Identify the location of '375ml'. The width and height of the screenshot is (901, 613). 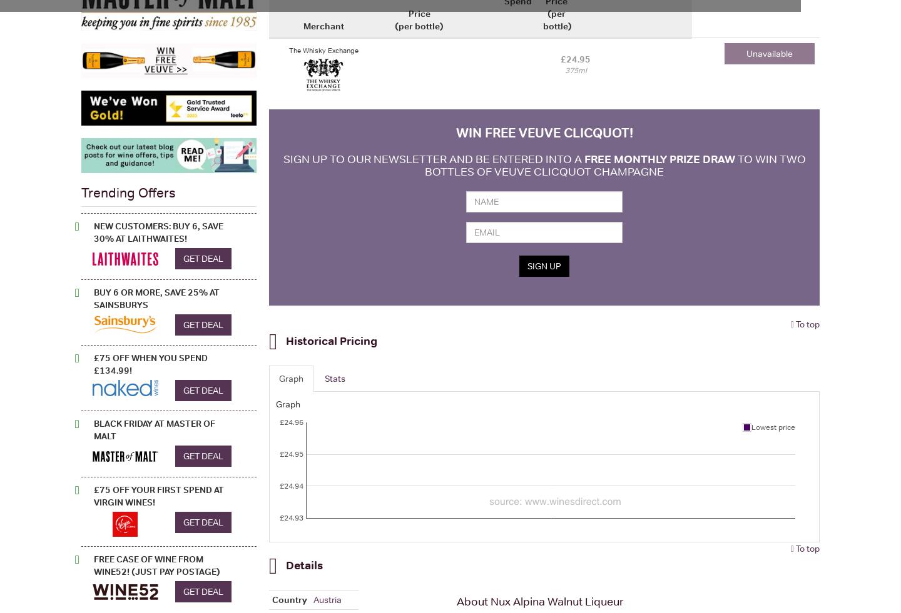
(575, 69).